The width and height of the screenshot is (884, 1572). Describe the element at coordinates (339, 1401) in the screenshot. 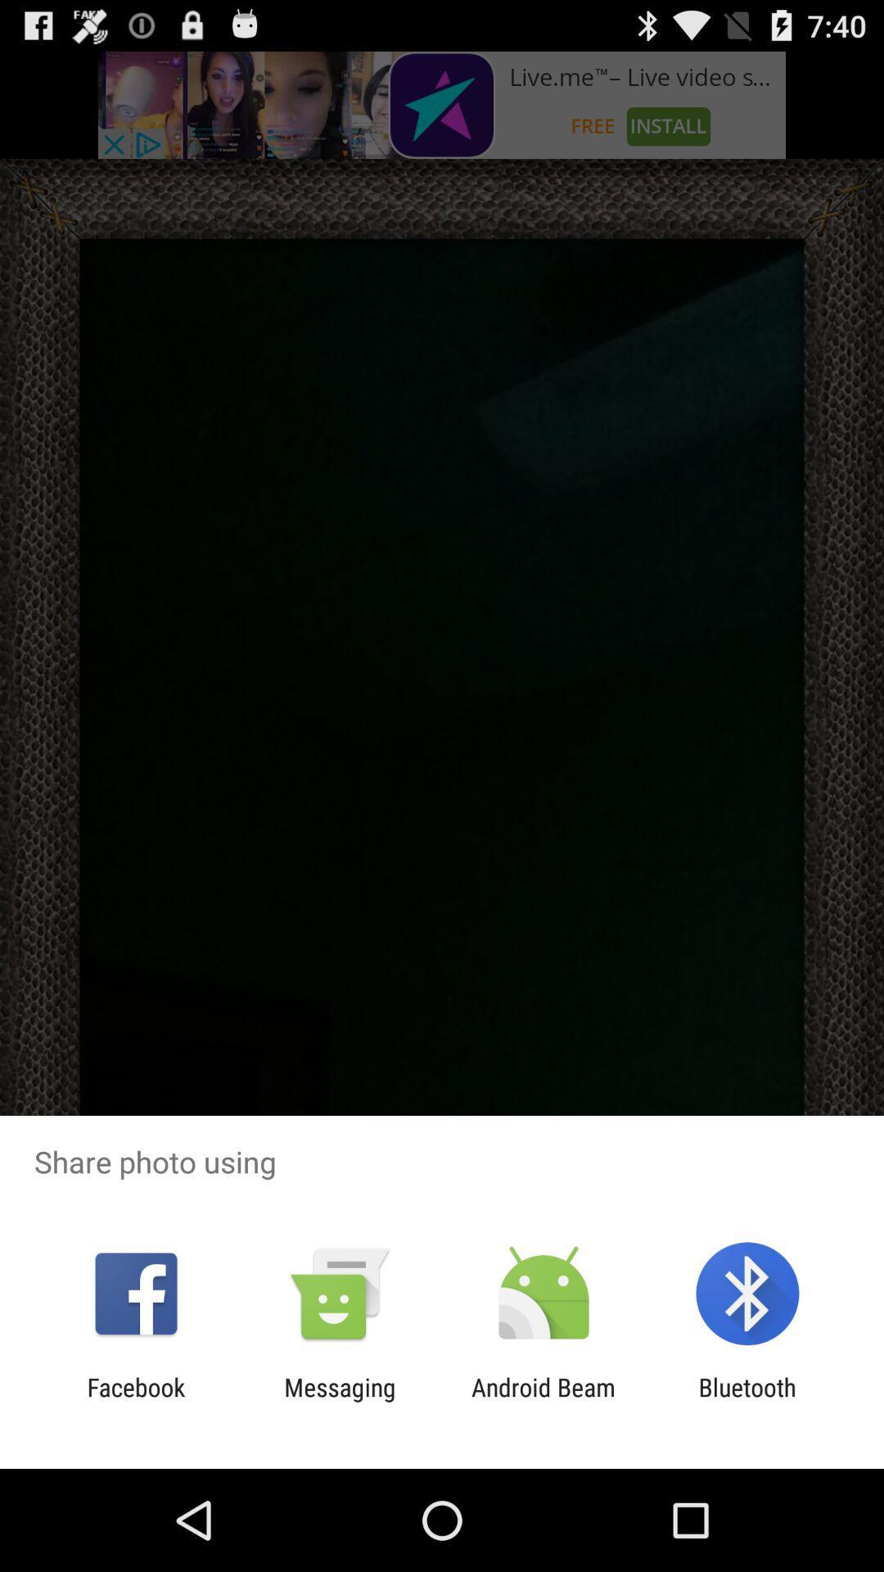

I see `icon to the left of android beam` at that location.